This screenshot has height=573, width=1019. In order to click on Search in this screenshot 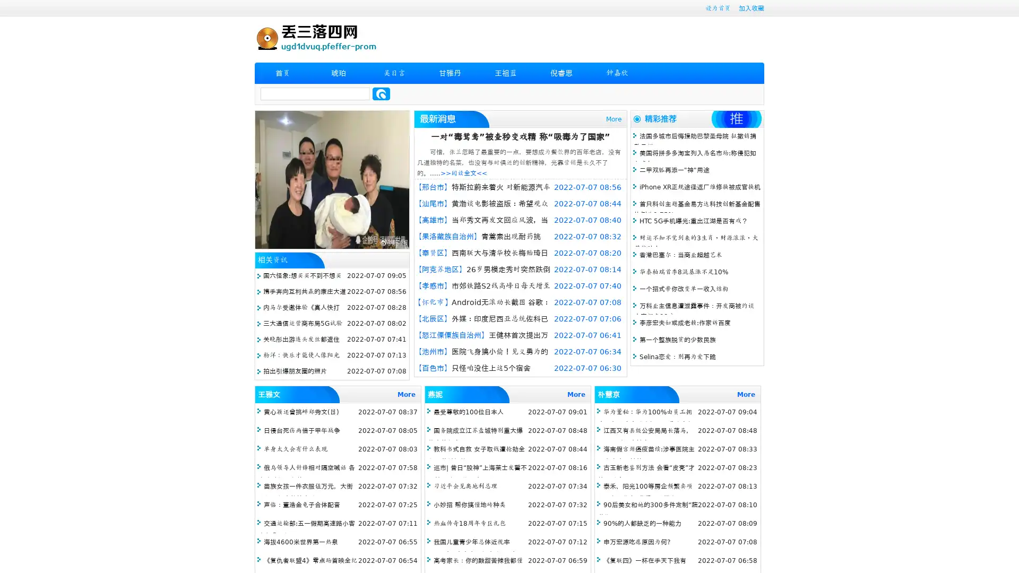, I will do `click(381, 93)`.